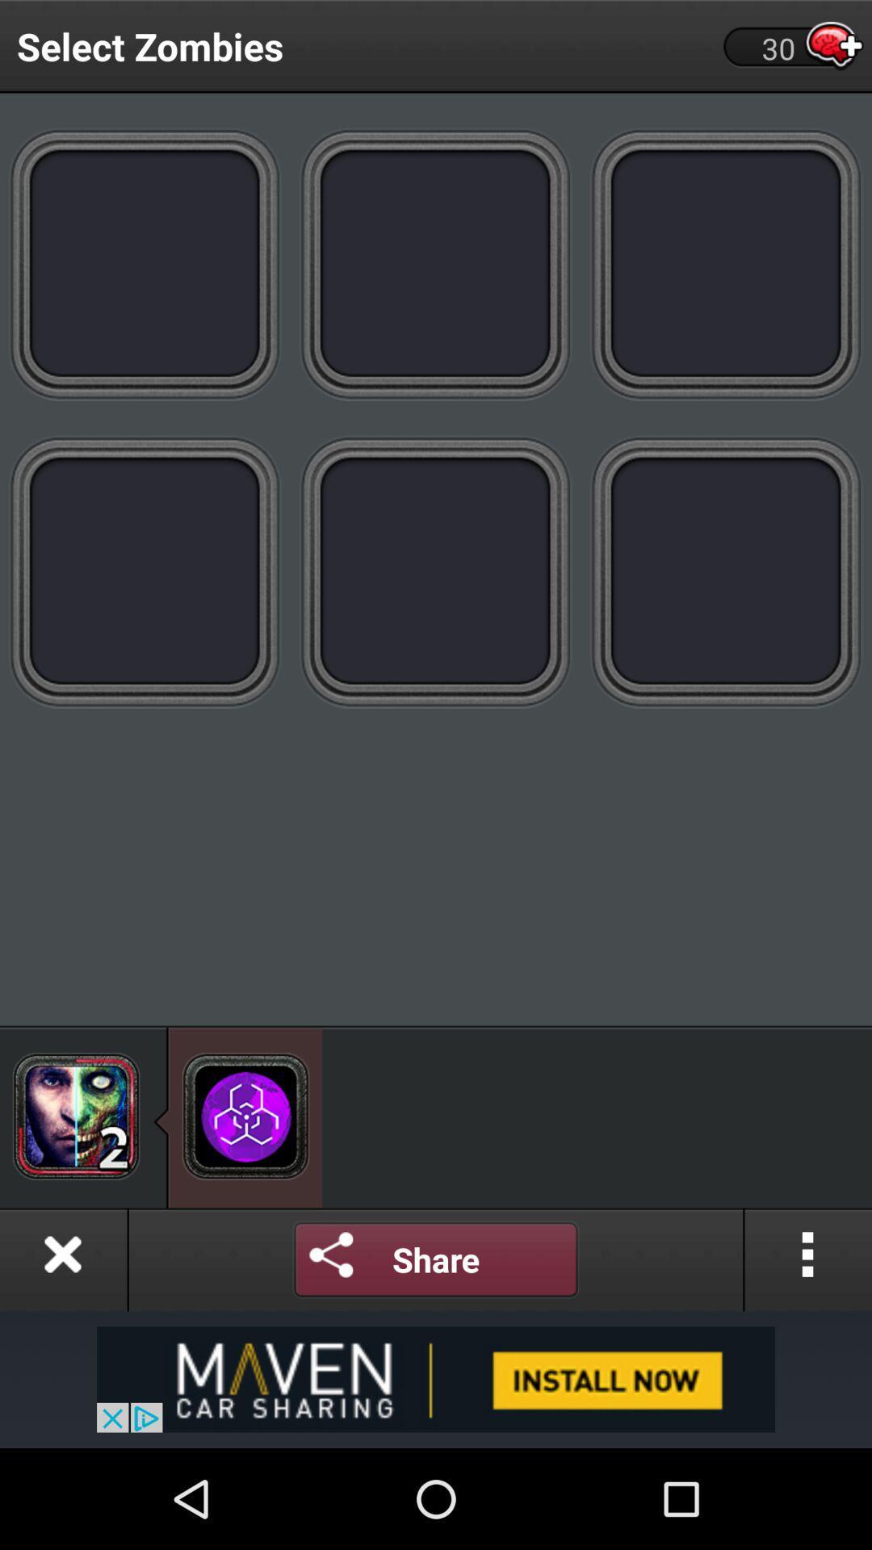 The height and width of the screenshot is (1550, 872). Describe the element at coordinates (808, 1348) in the screenshot. I see `the more icon` at that location.